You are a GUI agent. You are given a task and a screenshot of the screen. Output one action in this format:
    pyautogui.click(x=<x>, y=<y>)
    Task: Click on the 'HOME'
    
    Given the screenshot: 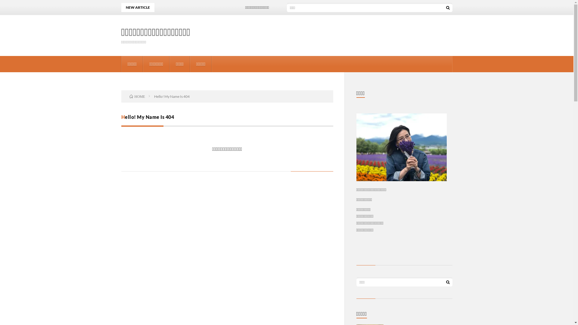 What is the action you would take?
    pyautogui.click(x=137, y=96)
    